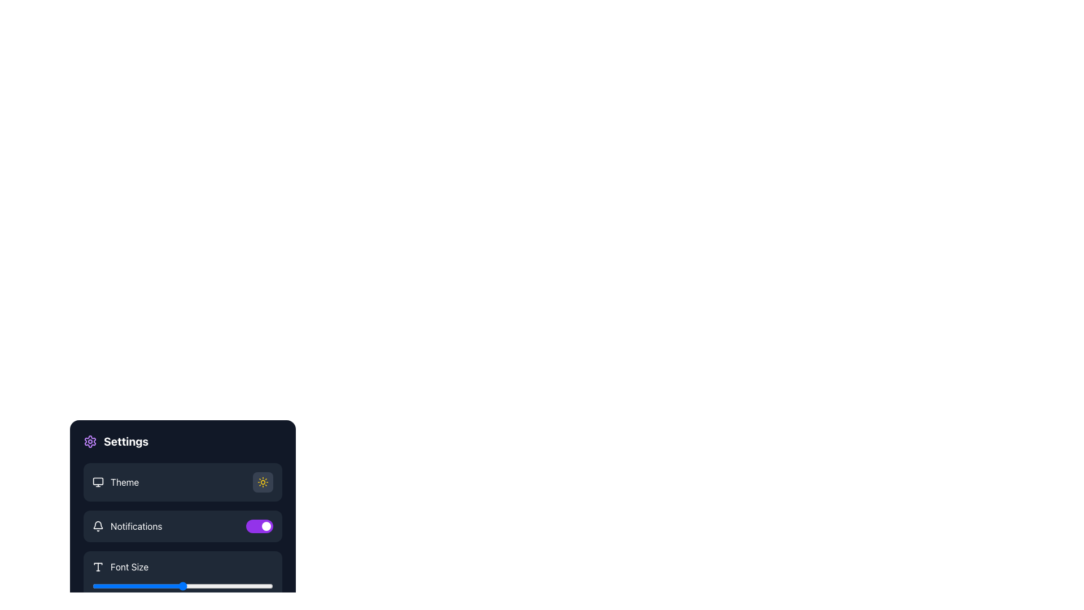  What do you see at coordinates (89, 441) in the screenshot?
I see `the purple gear-shaped icon located in the sidebar menu next to the 'Settings' label` at bounding box center [89, 441].